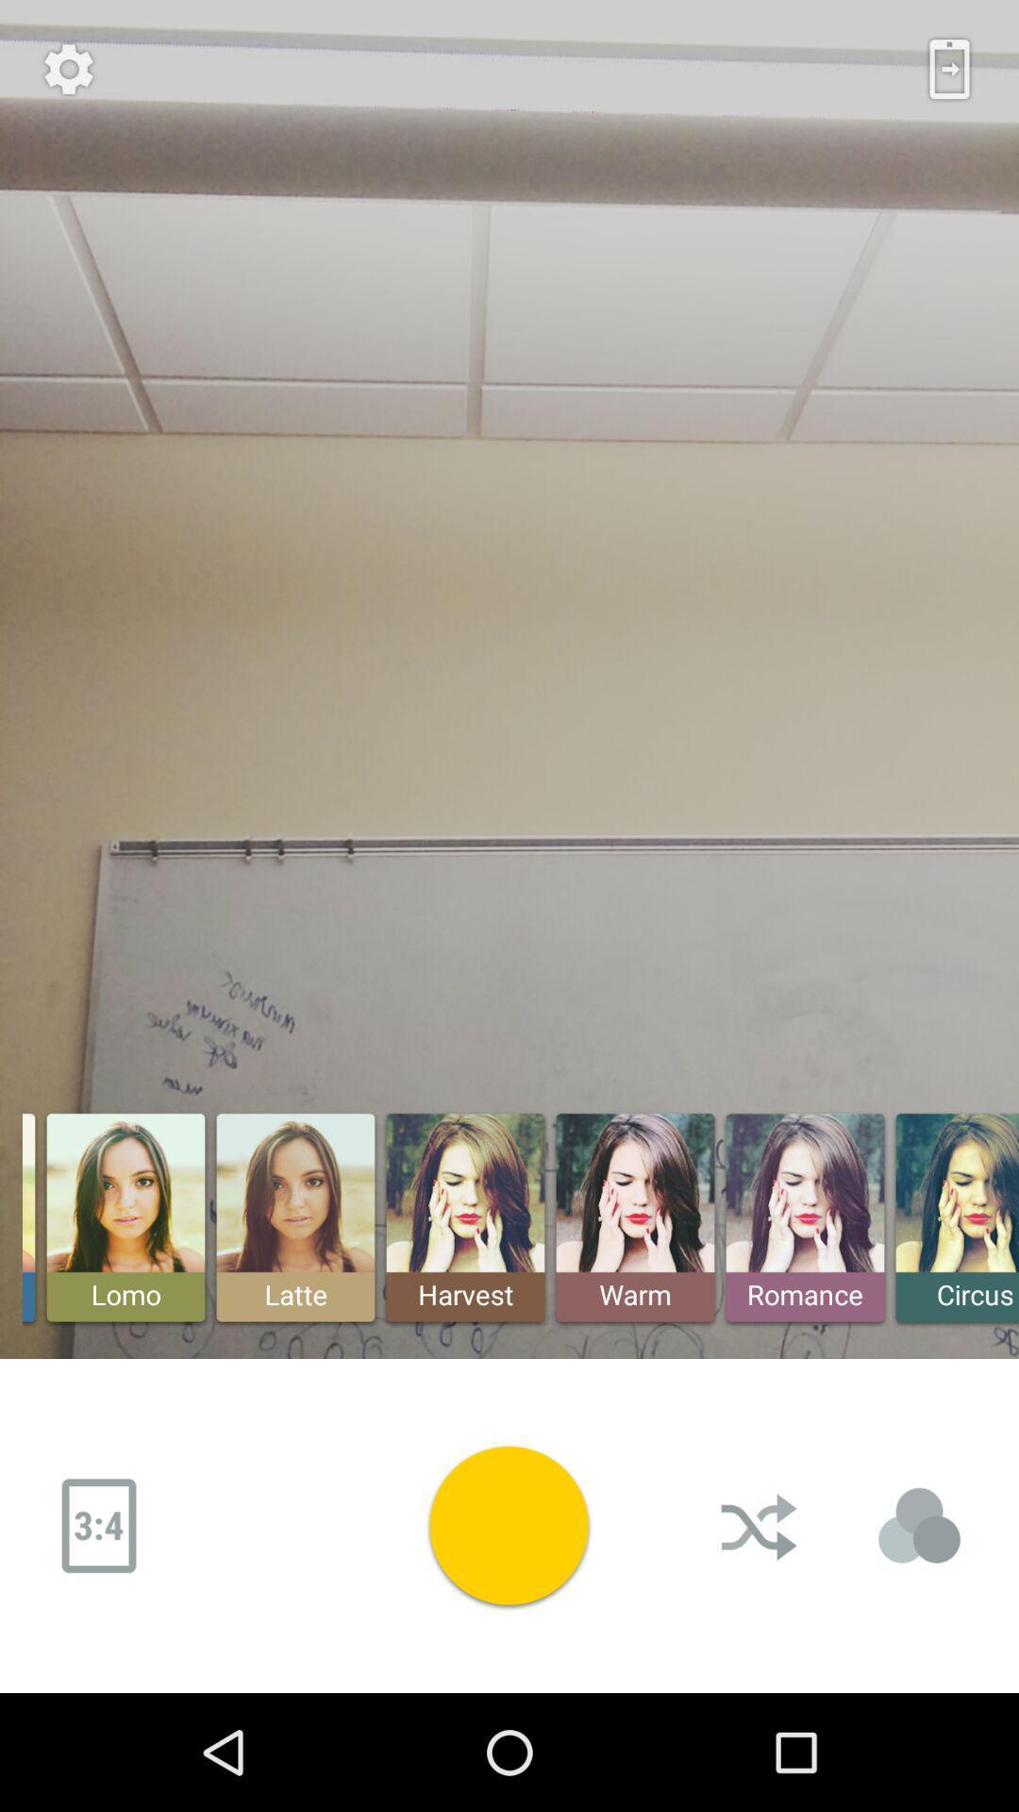 The width and height of the screenshot is (1019, 1812). Describe the element at coordinates (68, 69) in the screenshot. I see `options` at that location.